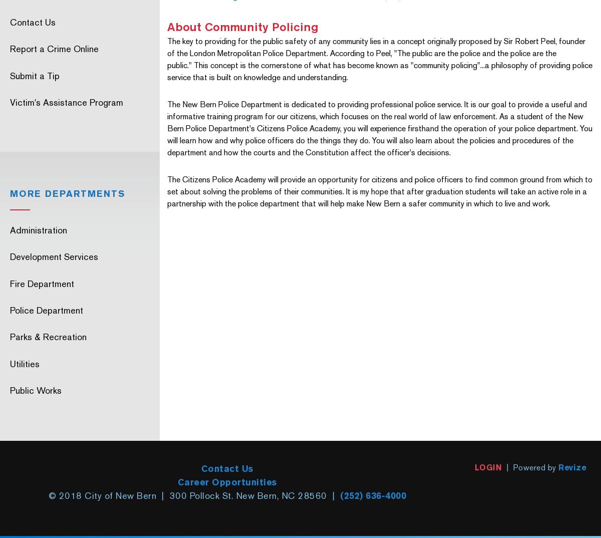 This screenshot has height=538, width=601. Describe the element at coordinates (35, 75) in the screenshot. I see `'Submit a Tip'` at that location.